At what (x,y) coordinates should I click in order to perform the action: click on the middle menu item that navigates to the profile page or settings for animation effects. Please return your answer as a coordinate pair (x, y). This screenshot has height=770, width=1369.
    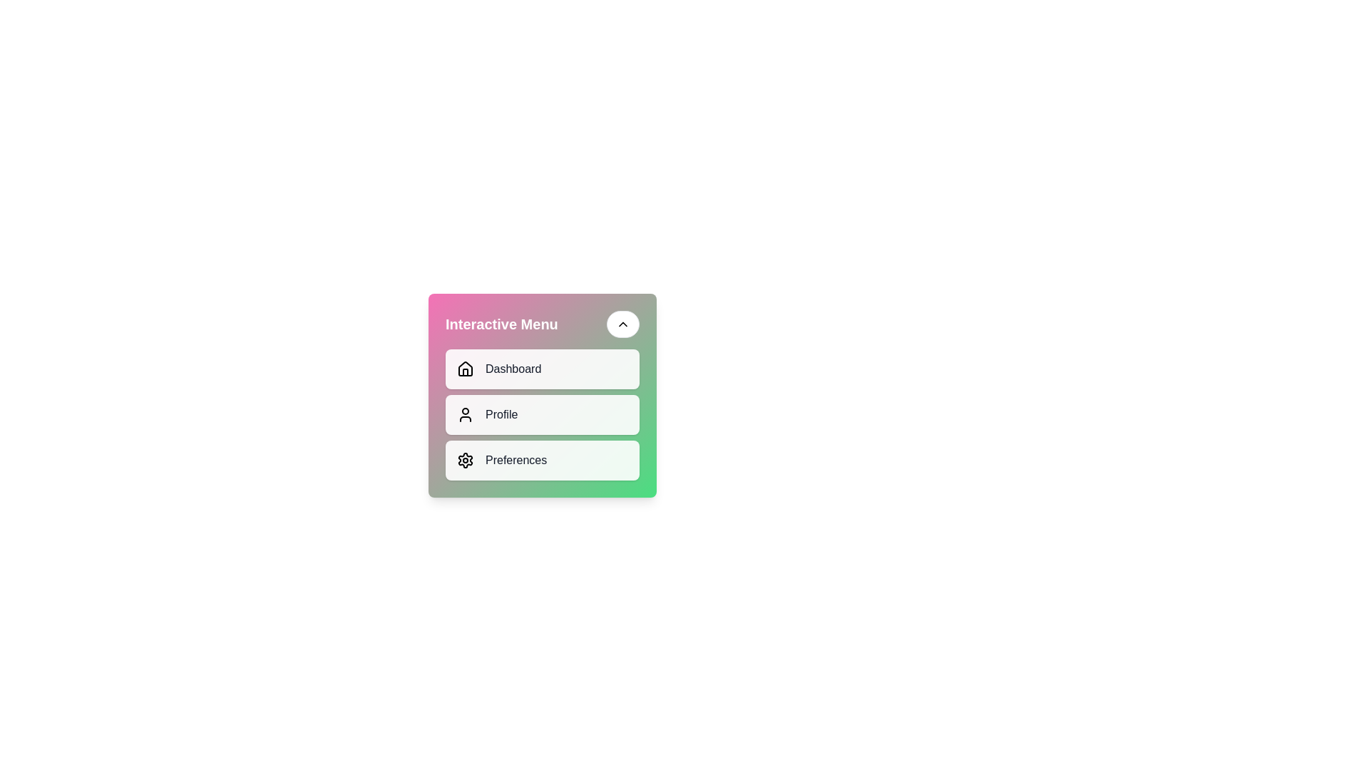
    Looking at the image, I should click on (542, 415).